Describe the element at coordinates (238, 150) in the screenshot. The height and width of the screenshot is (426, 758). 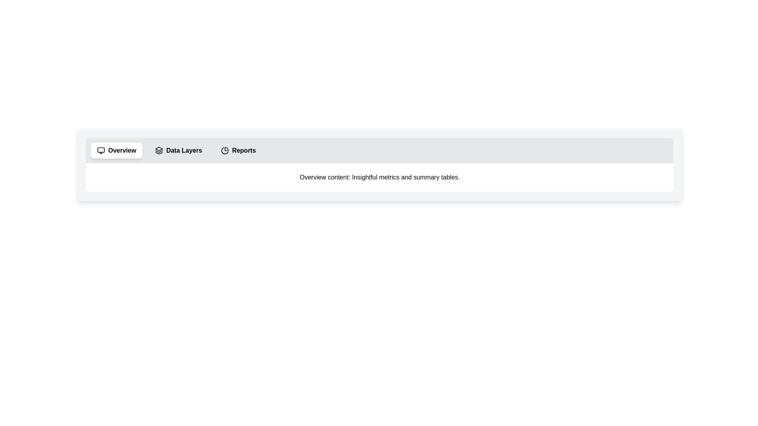
I see `the Reports tab to view its content` at that location.